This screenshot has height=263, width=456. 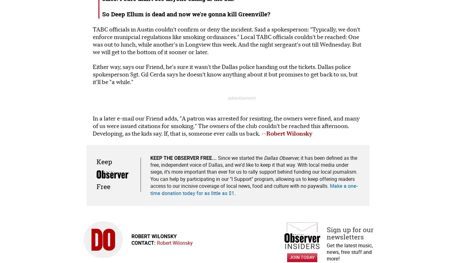 I want to click on 'Sign up for our newsletters', so click(x=350, y=233).